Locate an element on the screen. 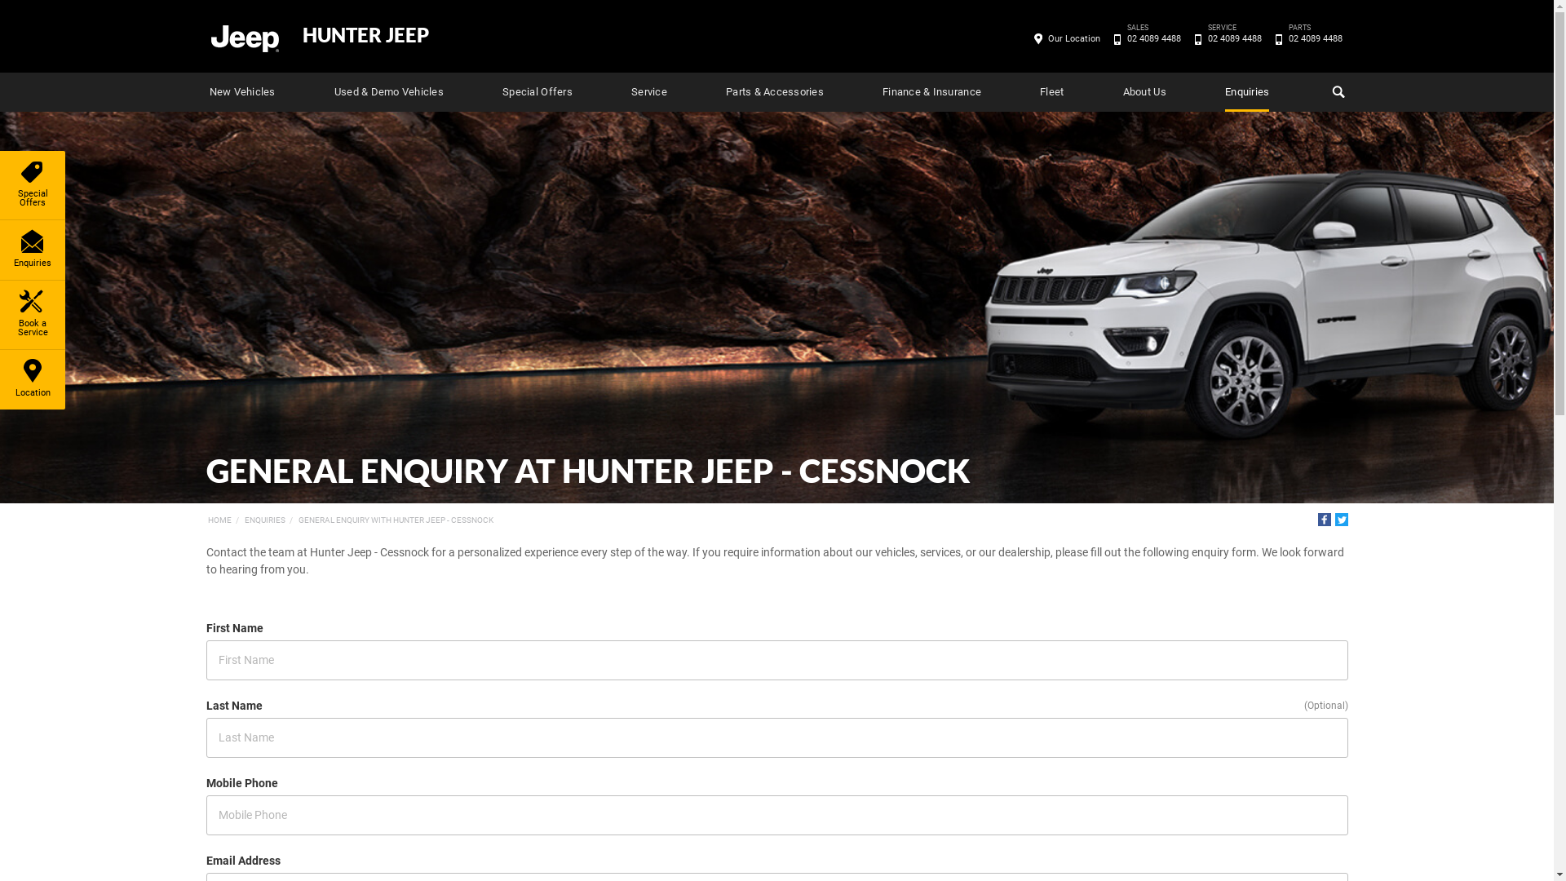 This screenshot has width=1566, height=881. 'Finance & Insurance' is located at coordinates (931, 91).